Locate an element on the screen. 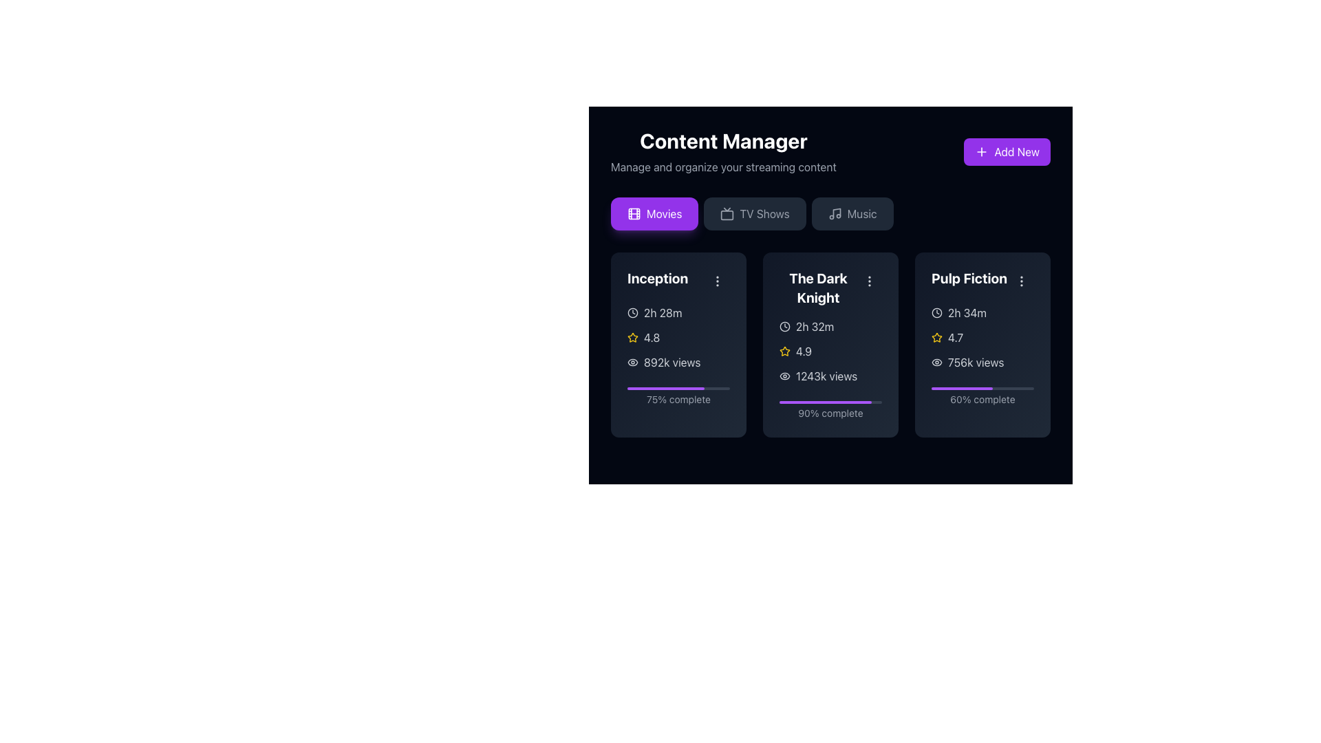 The width and height of the screenshot is (1321, 743). Label with icon that shows the total number of views for the 'Pulp Fiction' entry, located at the bottom of the section above the progress bar, for web development purposes is located at coordinates (982, 362).